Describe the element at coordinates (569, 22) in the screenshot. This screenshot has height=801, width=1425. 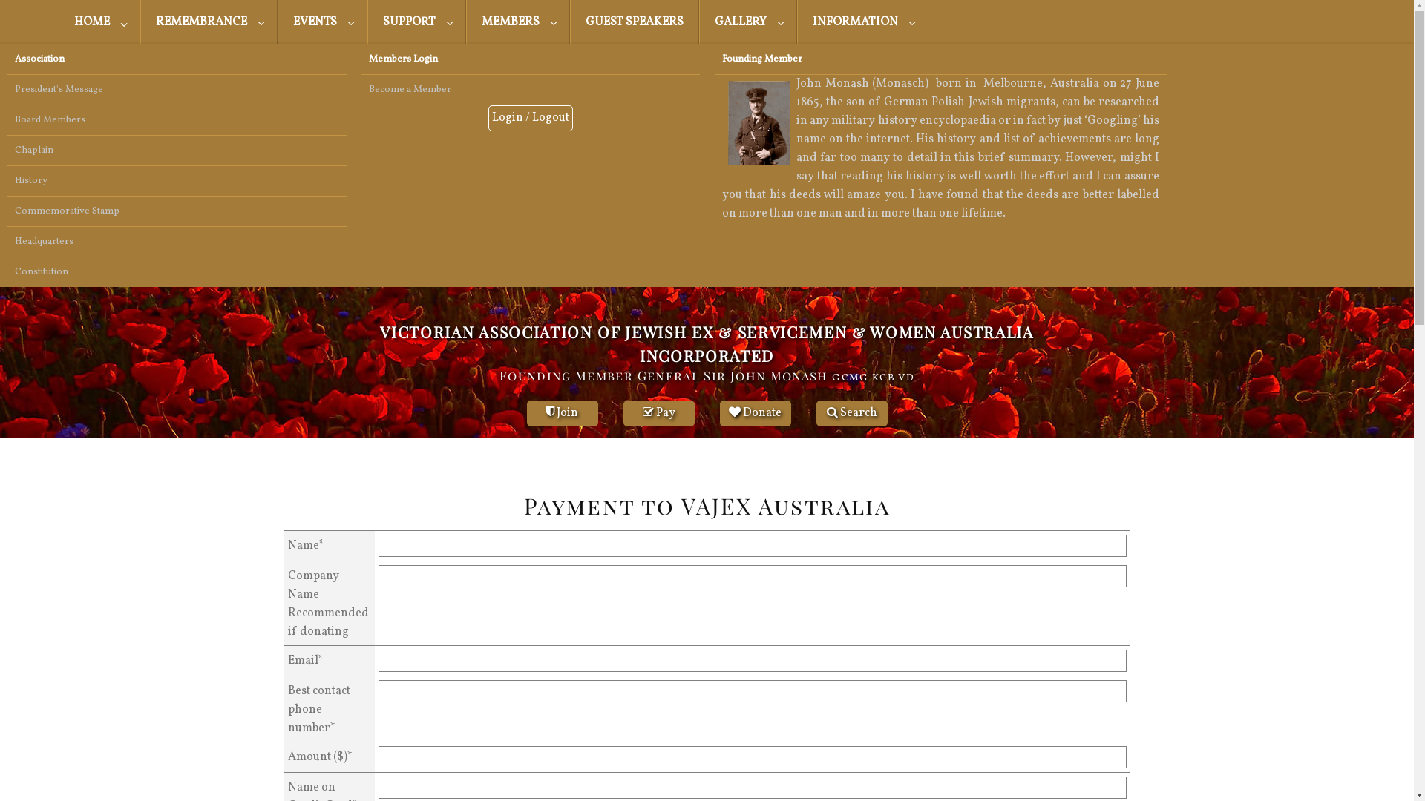
I see `'GUEST SPEAKERS'` at that location.